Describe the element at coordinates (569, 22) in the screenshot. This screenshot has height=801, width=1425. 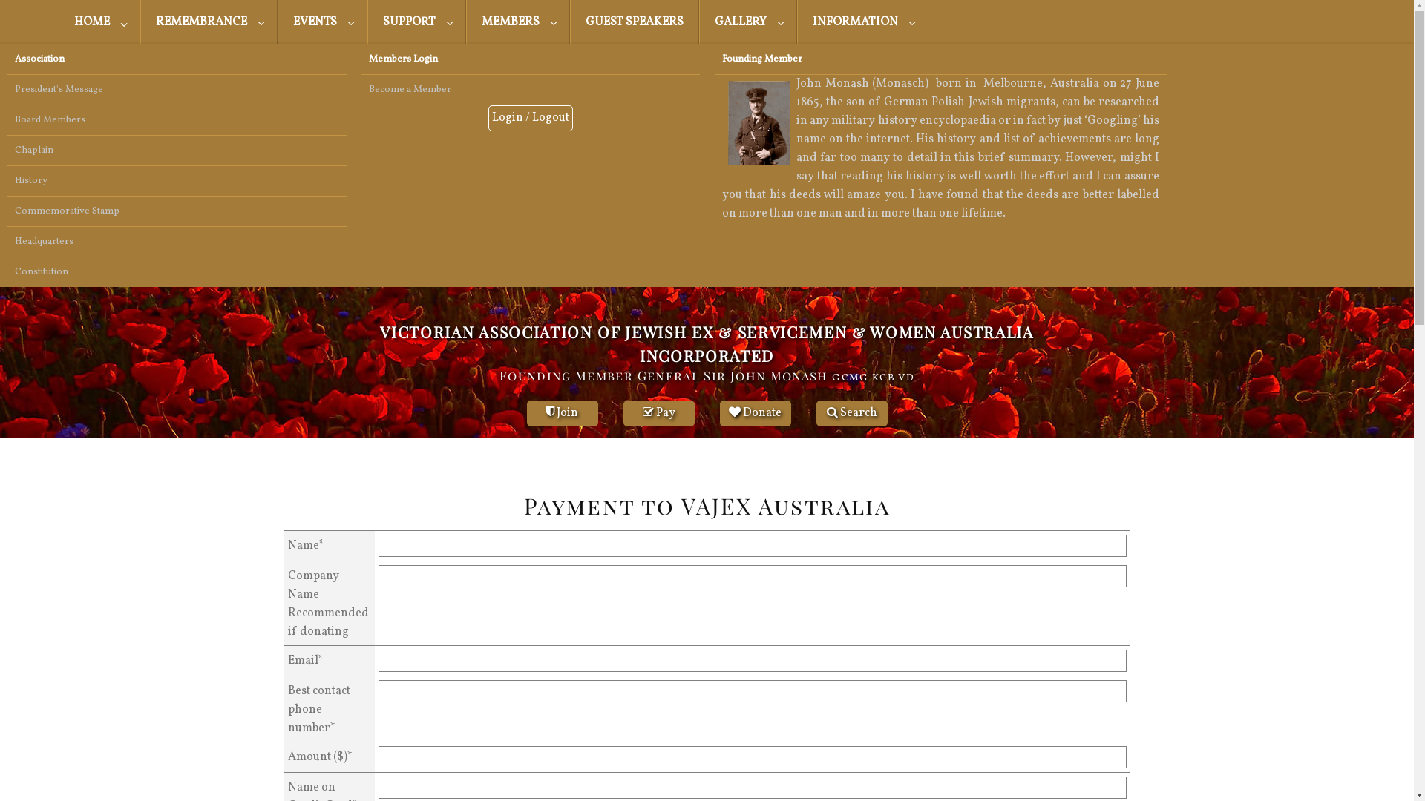
I see `'GUEST SPEAKERS'` at that location.